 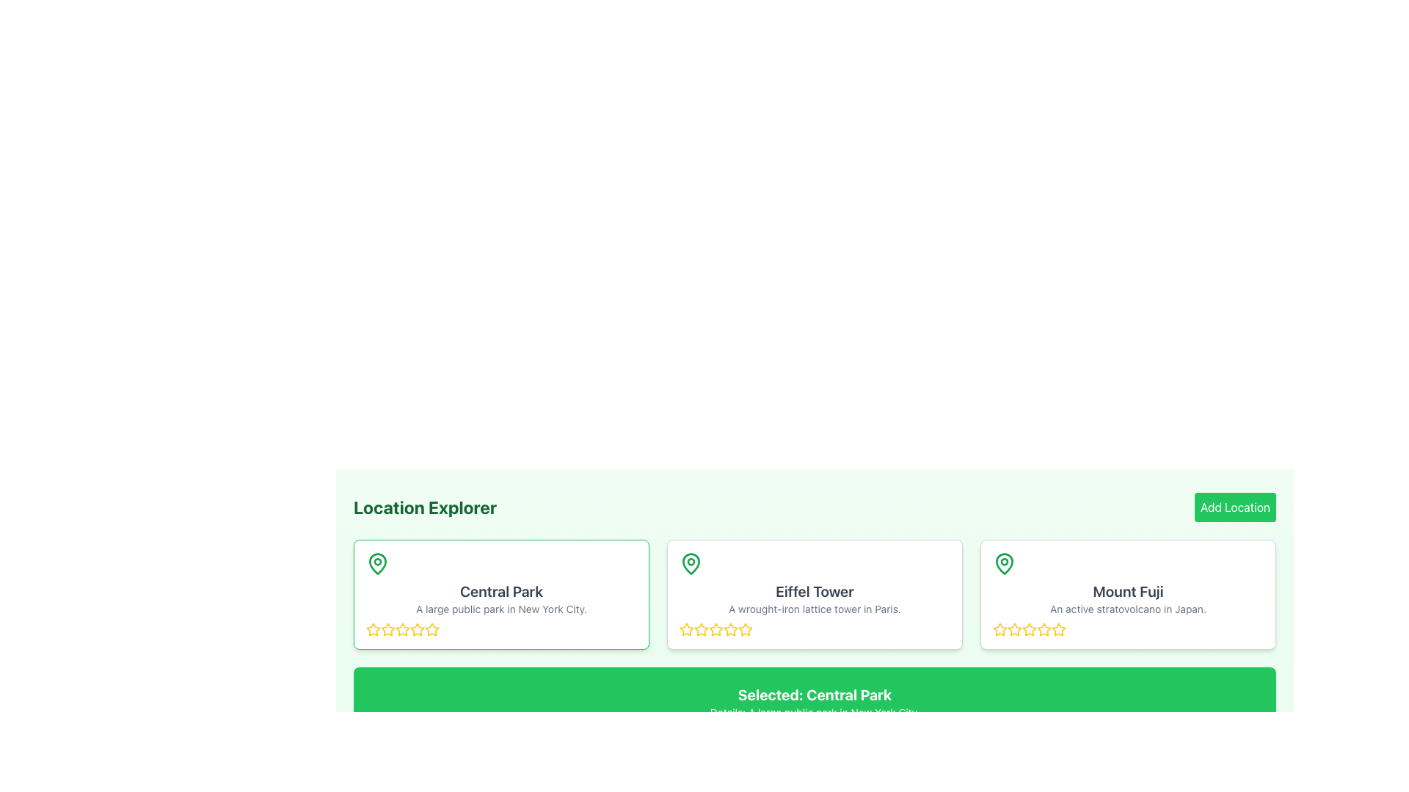 What do you see at coordinates (814, 590) in the screenshot?
I see `title text of the location card positioned above the description and below the green location pin icon in the middle of three horizontally arranged elements` at bounding box center [814, 590].